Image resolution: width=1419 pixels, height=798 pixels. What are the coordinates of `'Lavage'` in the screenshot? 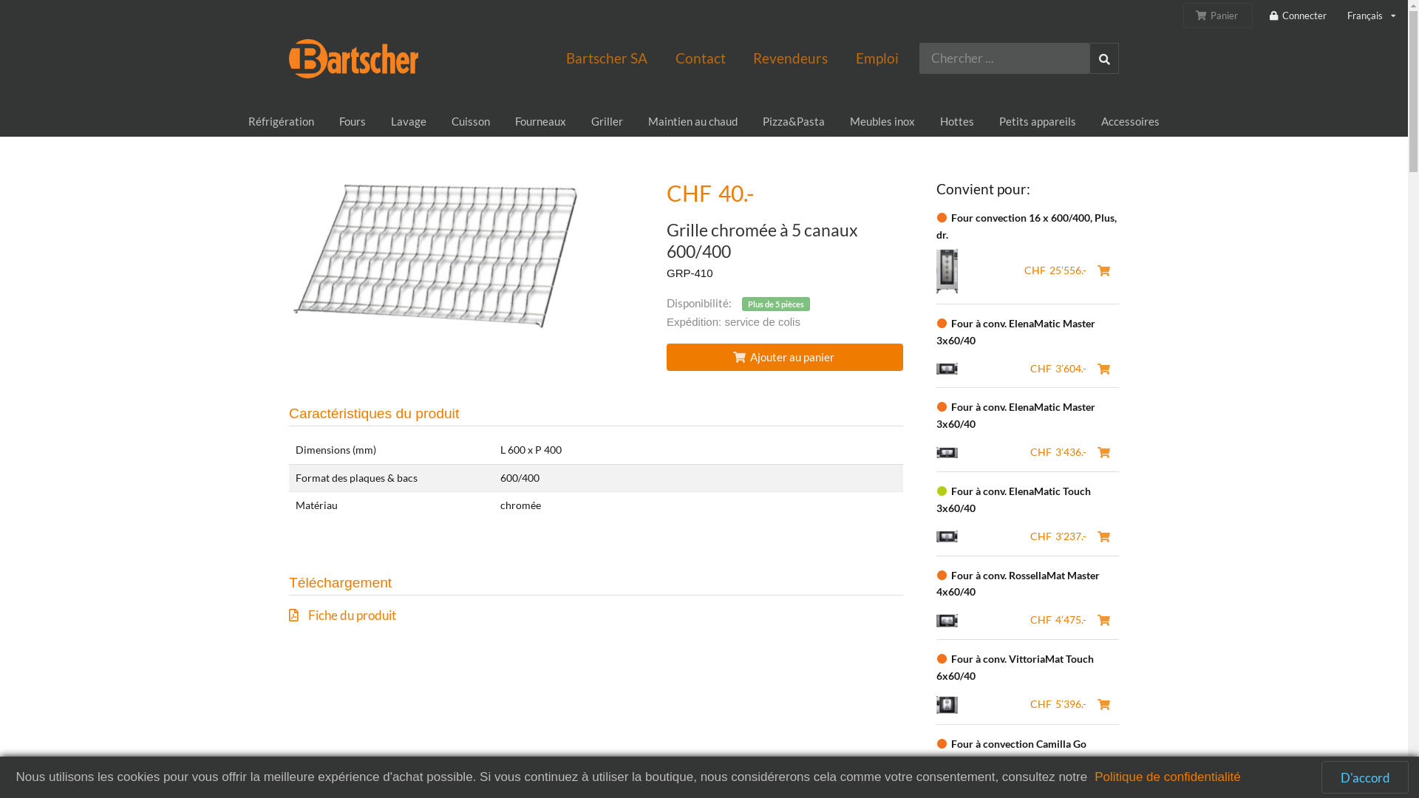 It's located at (408, 121).